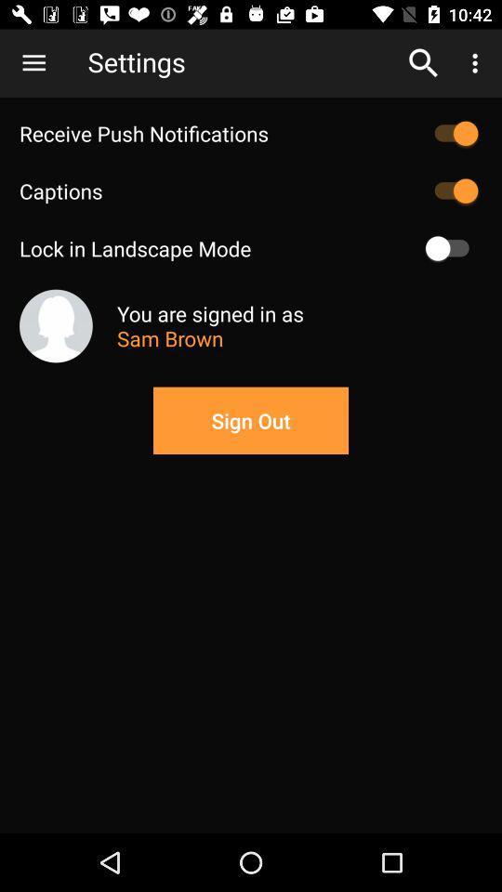  What do you see at coordinates (451, 132) in the screenshot?
I see `on push notifications` at bounding box center [451, 132].